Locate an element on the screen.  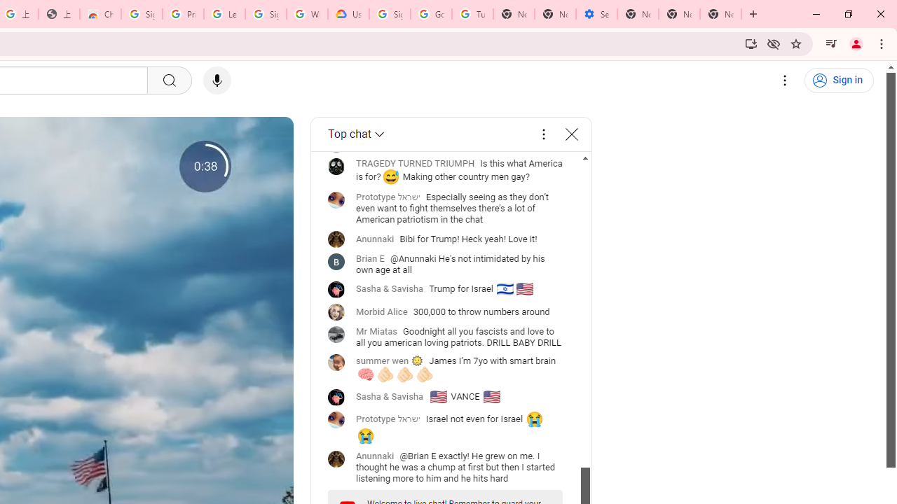
'Turn cookies on or off - Computer - Google Account Help' is located at coordinates (472, 14).